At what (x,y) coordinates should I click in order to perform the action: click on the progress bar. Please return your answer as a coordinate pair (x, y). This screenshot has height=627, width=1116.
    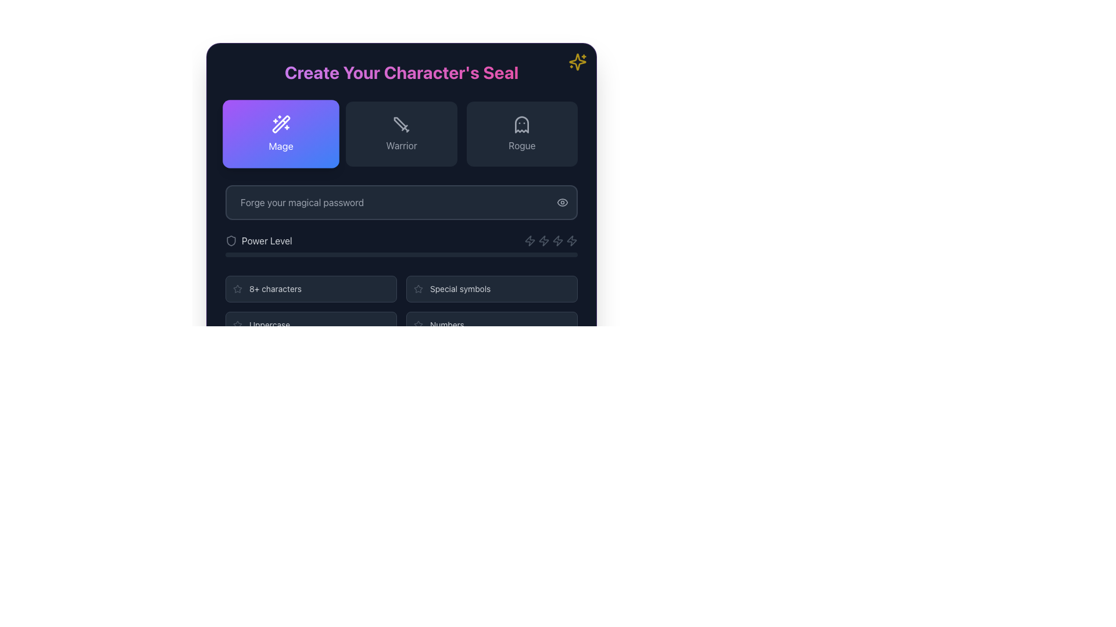
    Looking at the image, I should click on (327, 254).